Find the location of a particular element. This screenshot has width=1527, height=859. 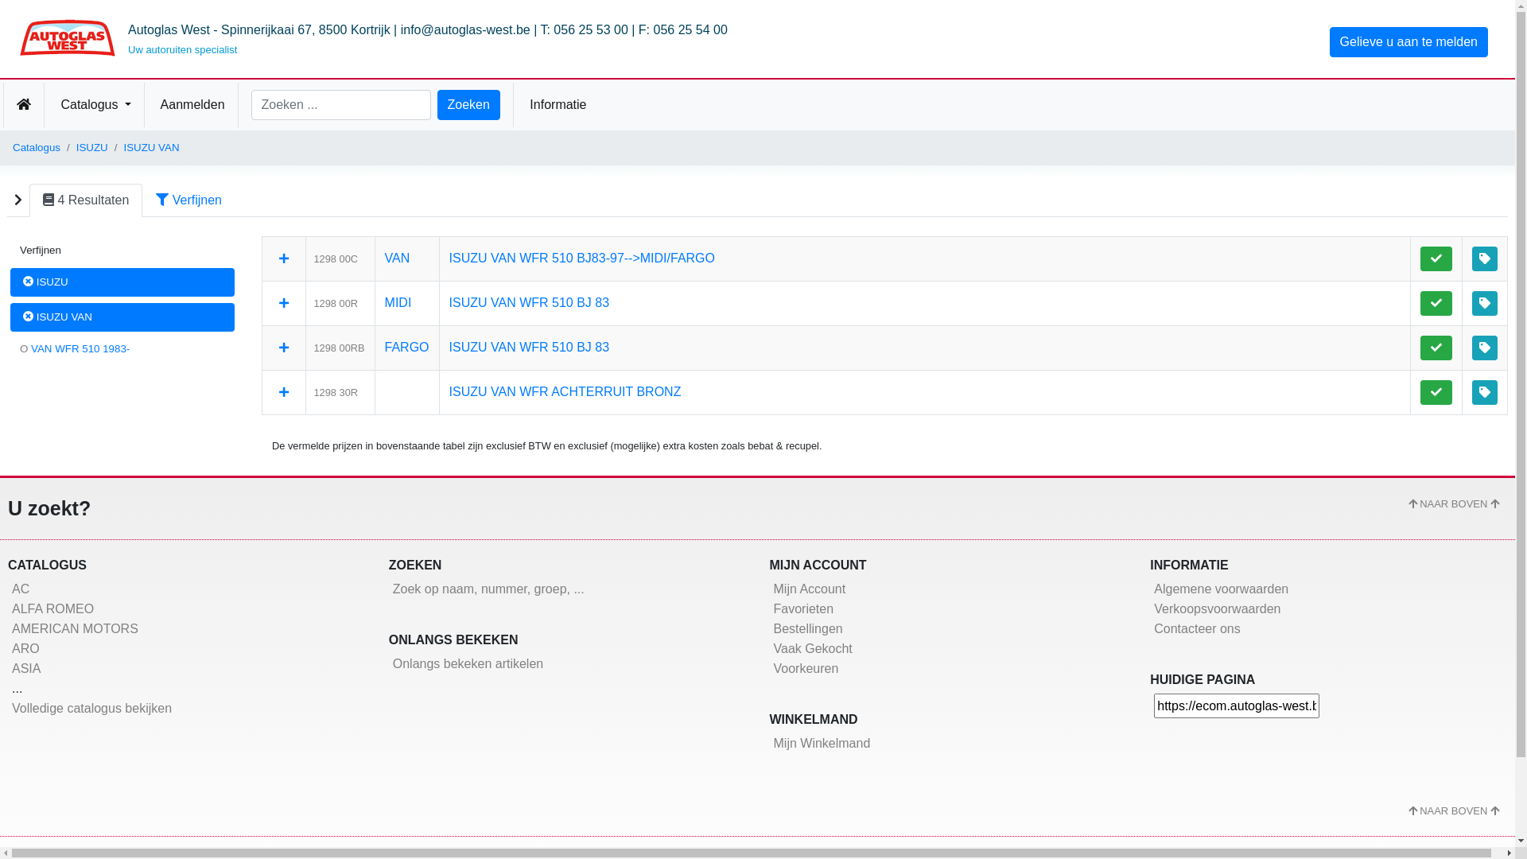

'FARGO' is located at coordinates (407, 346).